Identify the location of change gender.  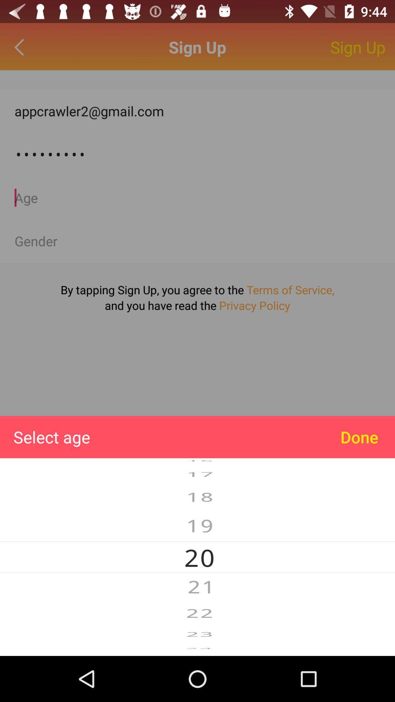
(197, 241).